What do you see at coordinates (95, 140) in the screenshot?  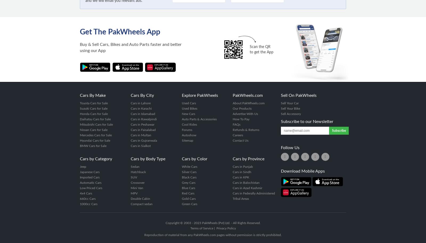 I see `'Hyundai Cars for Sale'` at bounding box center [95, 140].